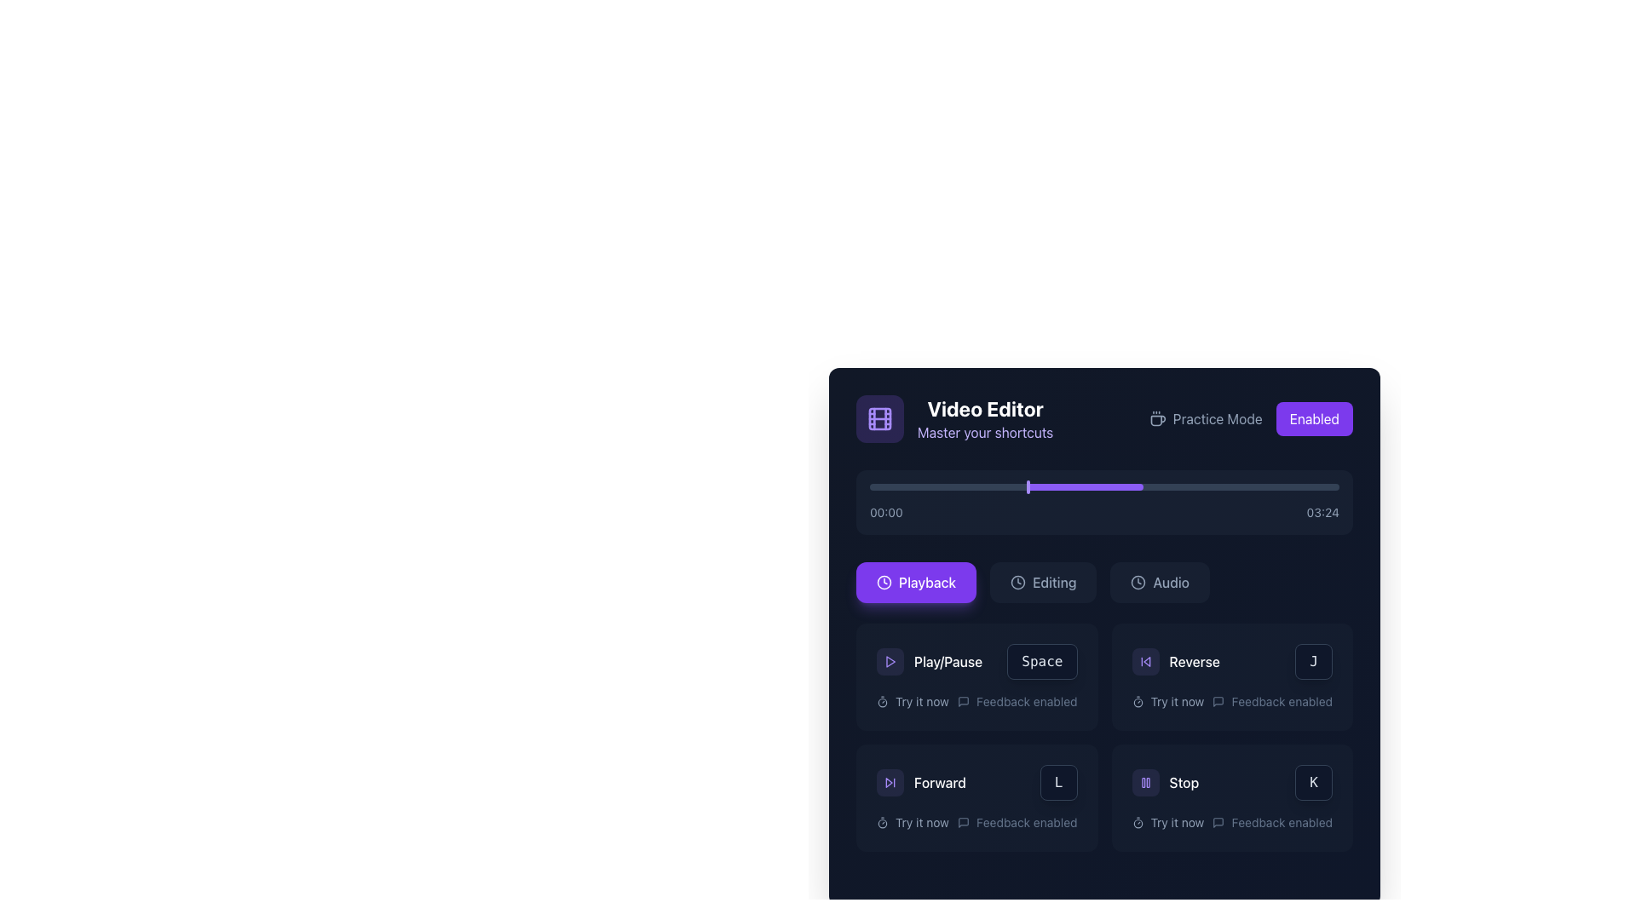 The height and width of the screenshot is (920, 1636). I want to click on the Text label displaying the current playback time and total duration, which is centered below the progress bar, so click(1104, 511).